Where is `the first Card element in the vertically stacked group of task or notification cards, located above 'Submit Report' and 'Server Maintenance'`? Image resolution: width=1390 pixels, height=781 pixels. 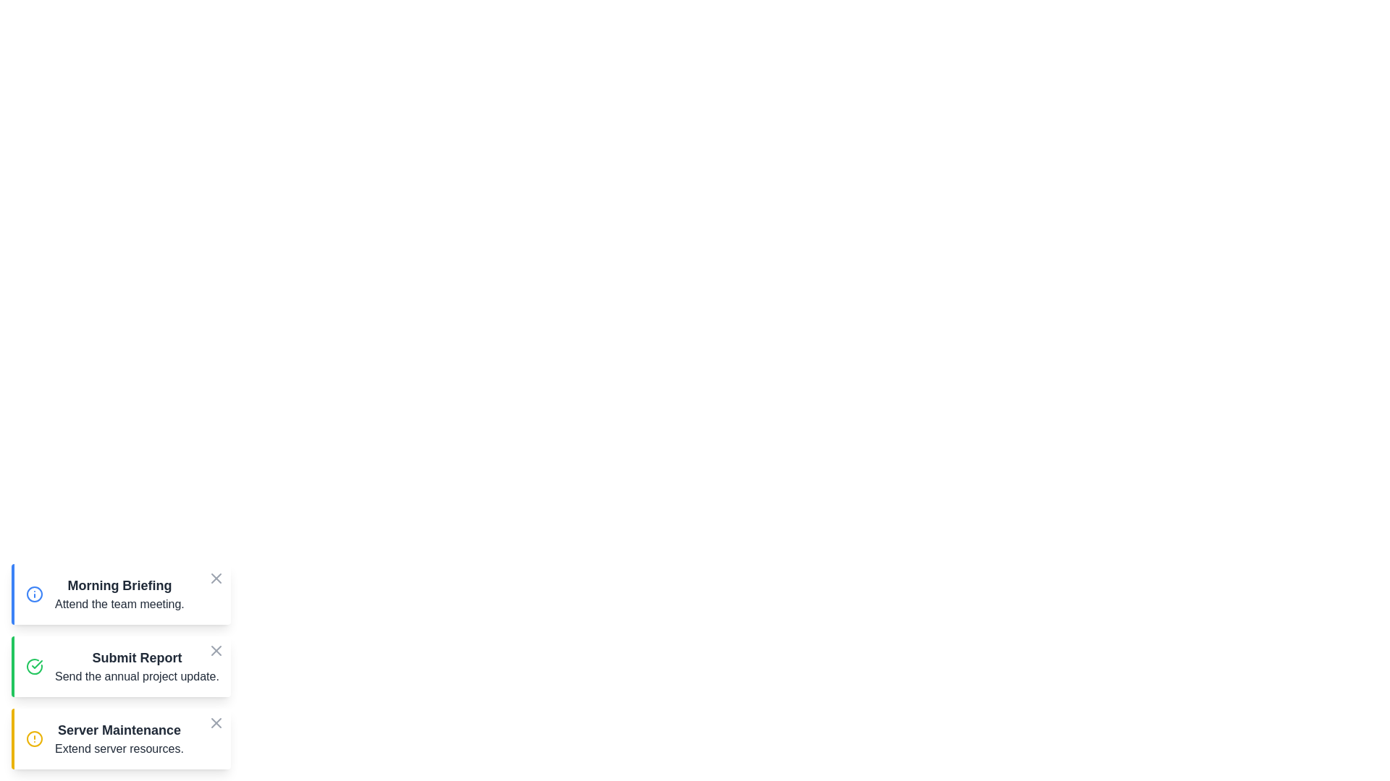
the first Card element in the vertically stacked group of task or notification cards, located above 'Submit Report' and 'Server Maintenance' is located at coordinates (122, 594).